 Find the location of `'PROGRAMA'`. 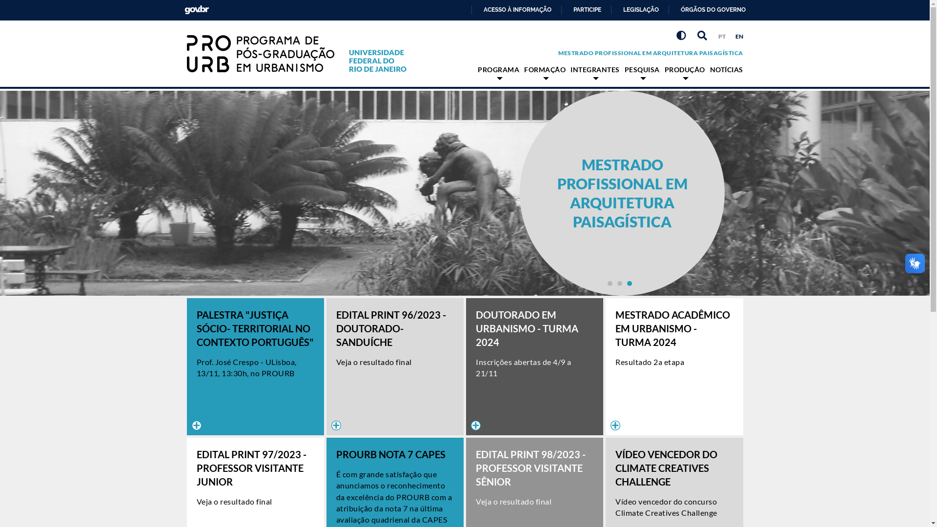

'PROGRAMA' is located at coordinates (498, 72).